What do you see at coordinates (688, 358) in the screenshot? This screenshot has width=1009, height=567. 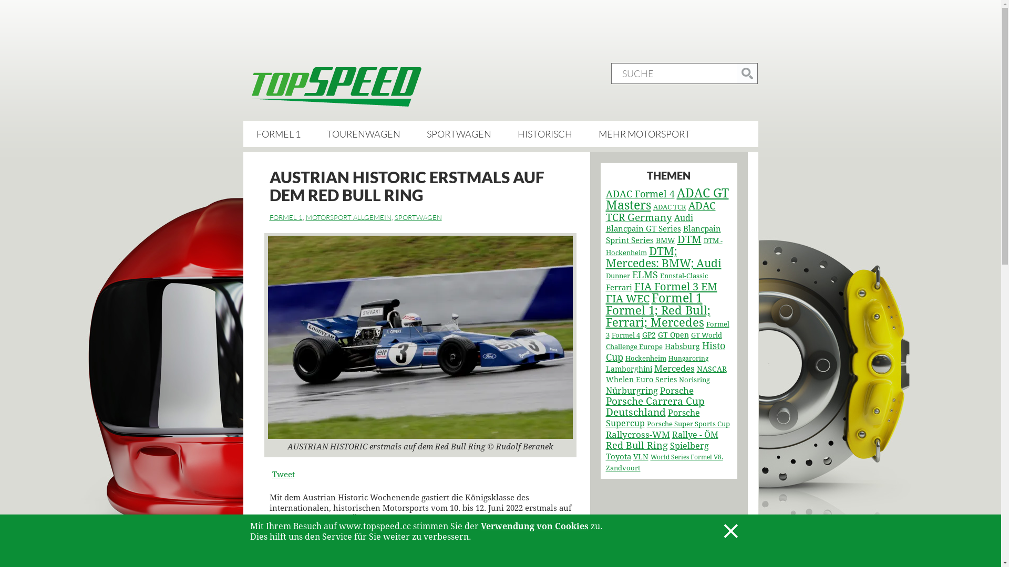 I see `'Hungaroring'` at bounding box center [688, 358].